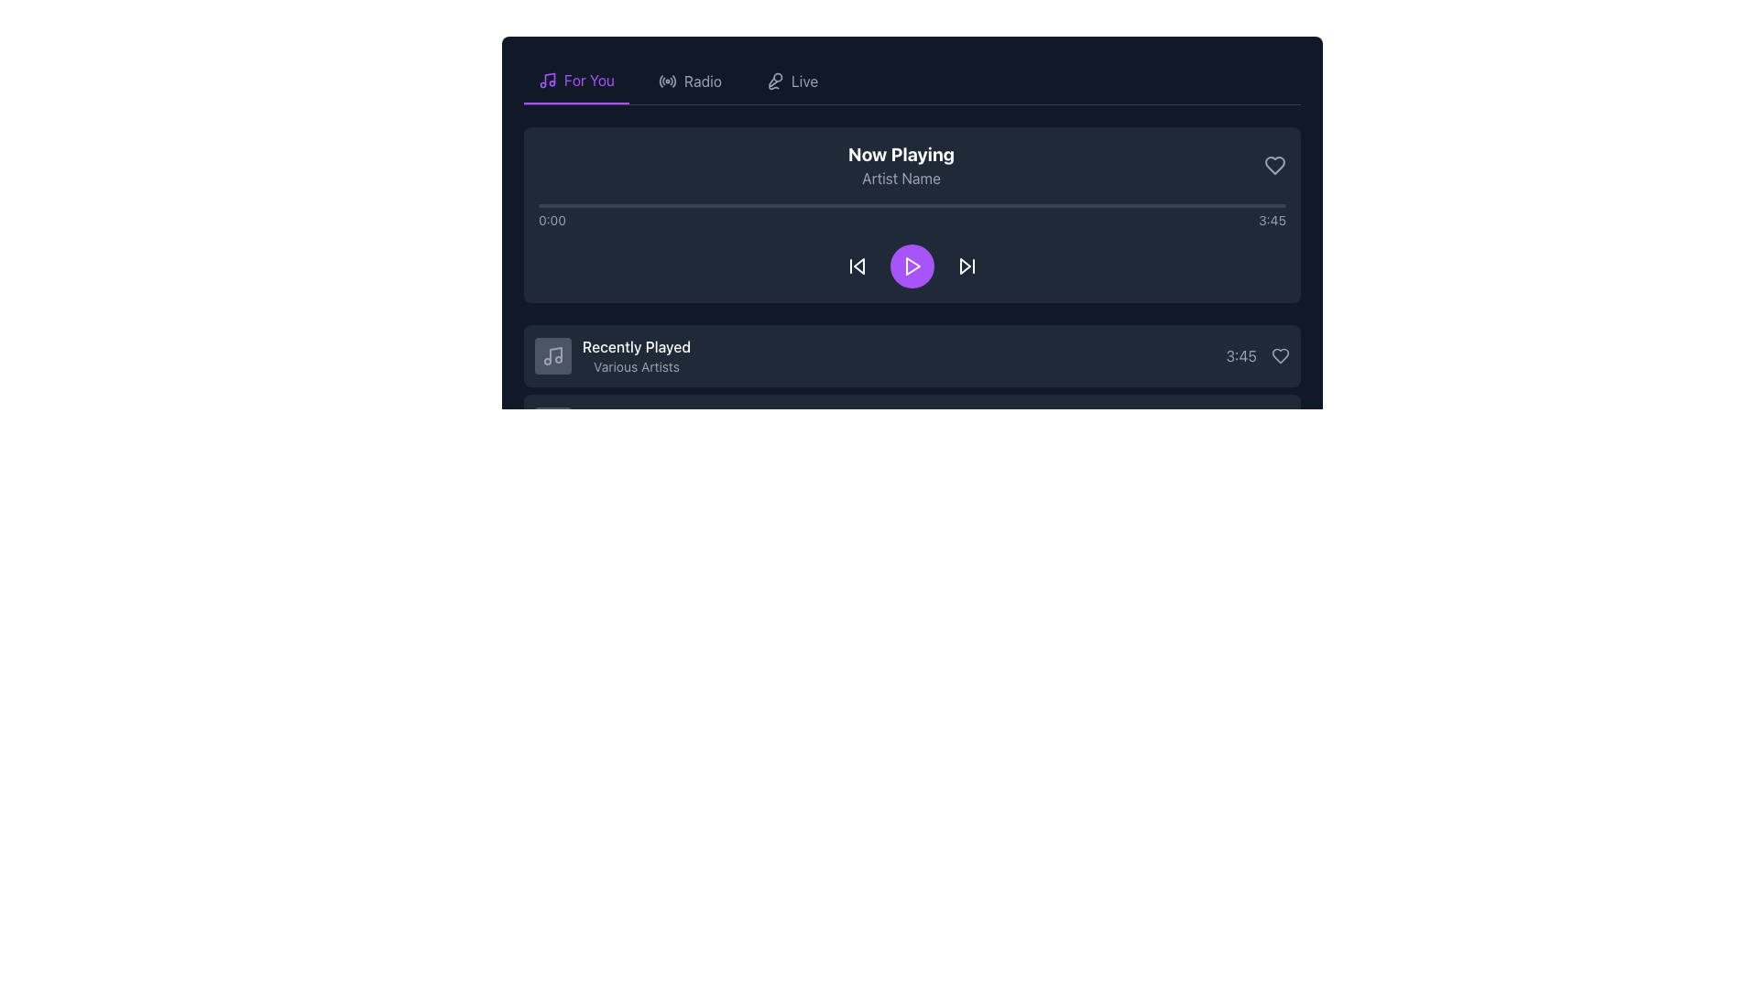 Image resolution: width=1759 pixels, height=989 pixels. What do you see at coordinates (901, 179) in the screenshot?
I see `the static text label element displaying 'Artist Name', which is located directly below the 'Now Playing' text in a gray color` at bounding box center [901, 179].